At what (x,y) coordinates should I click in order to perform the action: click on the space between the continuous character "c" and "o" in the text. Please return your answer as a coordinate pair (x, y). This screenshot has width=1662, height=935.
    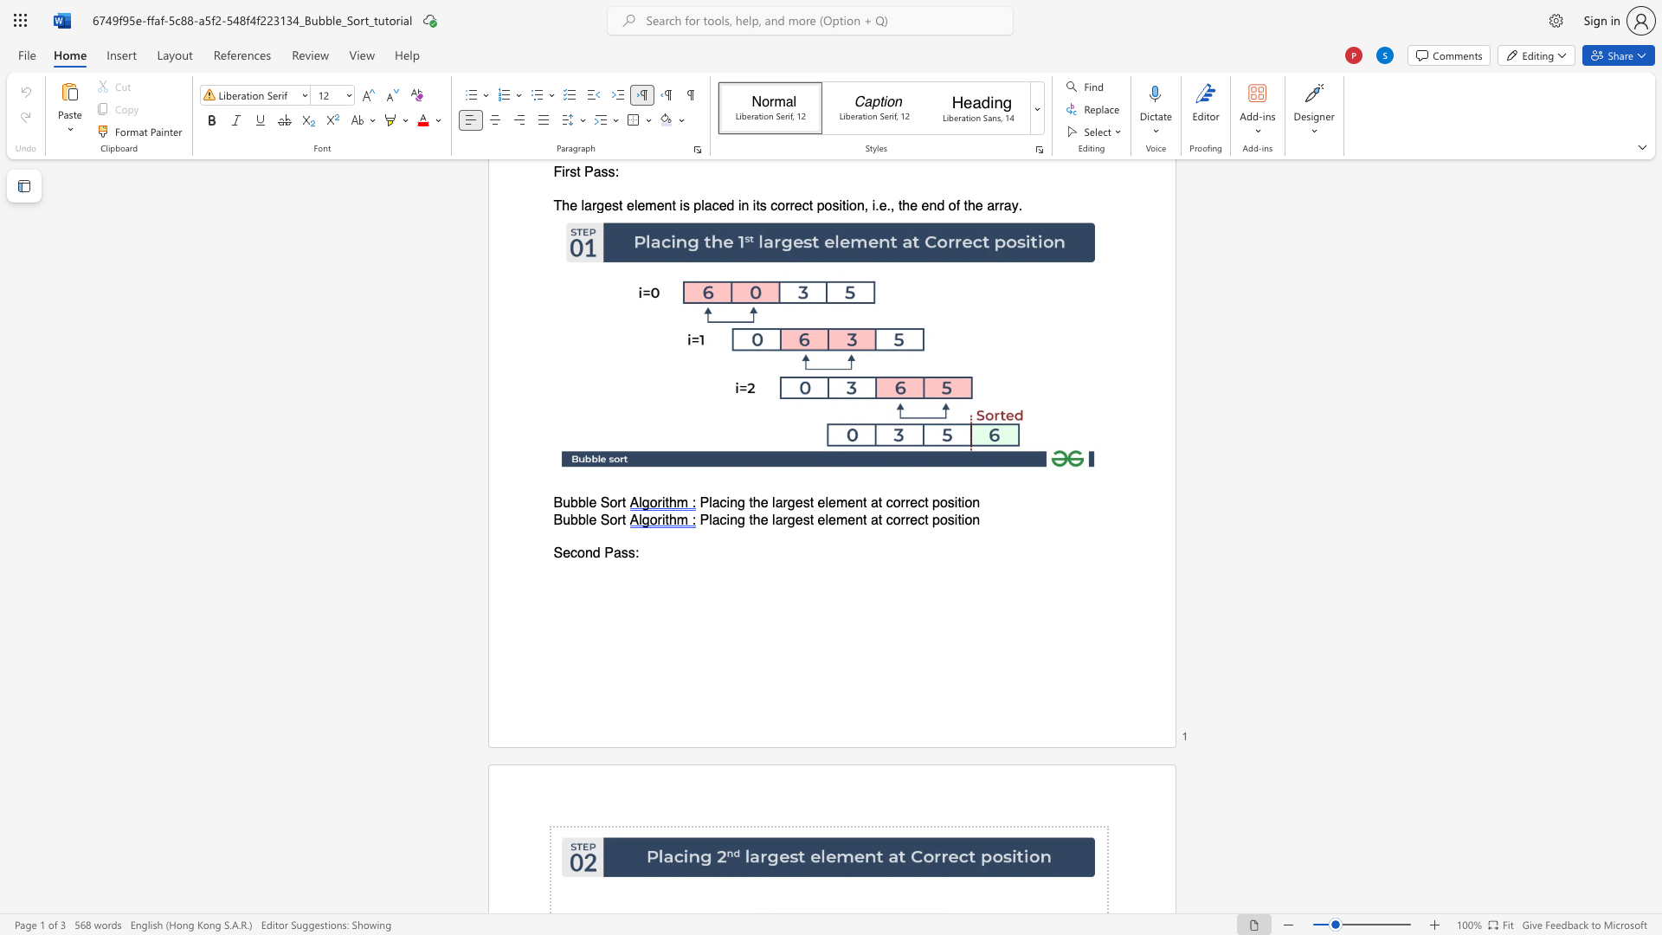
    Looking at the image, I should click on (577, 553).